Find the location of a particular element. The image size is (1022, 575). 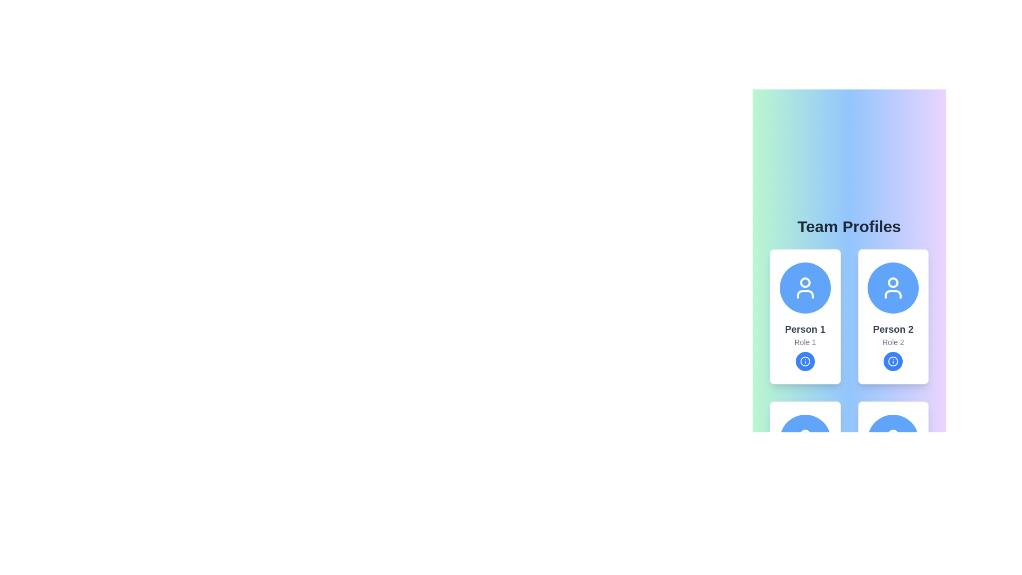

the user profile icon representing 'Person 2', which is visually distinguished in the interface and located under the label 'Person 2 Role 2' is located at coordinates (893, 287).